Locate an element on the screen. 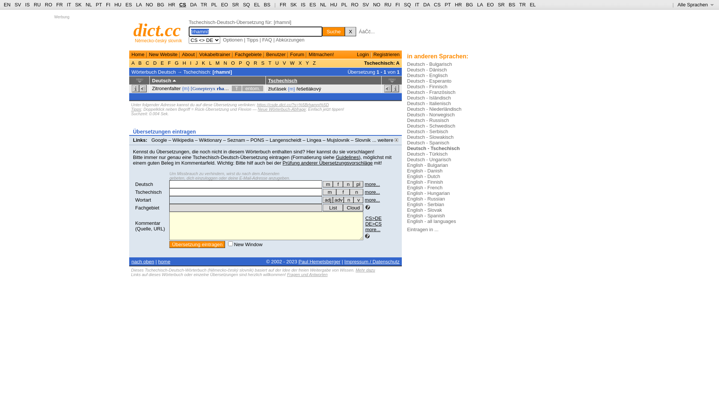 Image resolution: width=719 pixels, height=404 pixels. 'v' is located at coordinates (358, 199).